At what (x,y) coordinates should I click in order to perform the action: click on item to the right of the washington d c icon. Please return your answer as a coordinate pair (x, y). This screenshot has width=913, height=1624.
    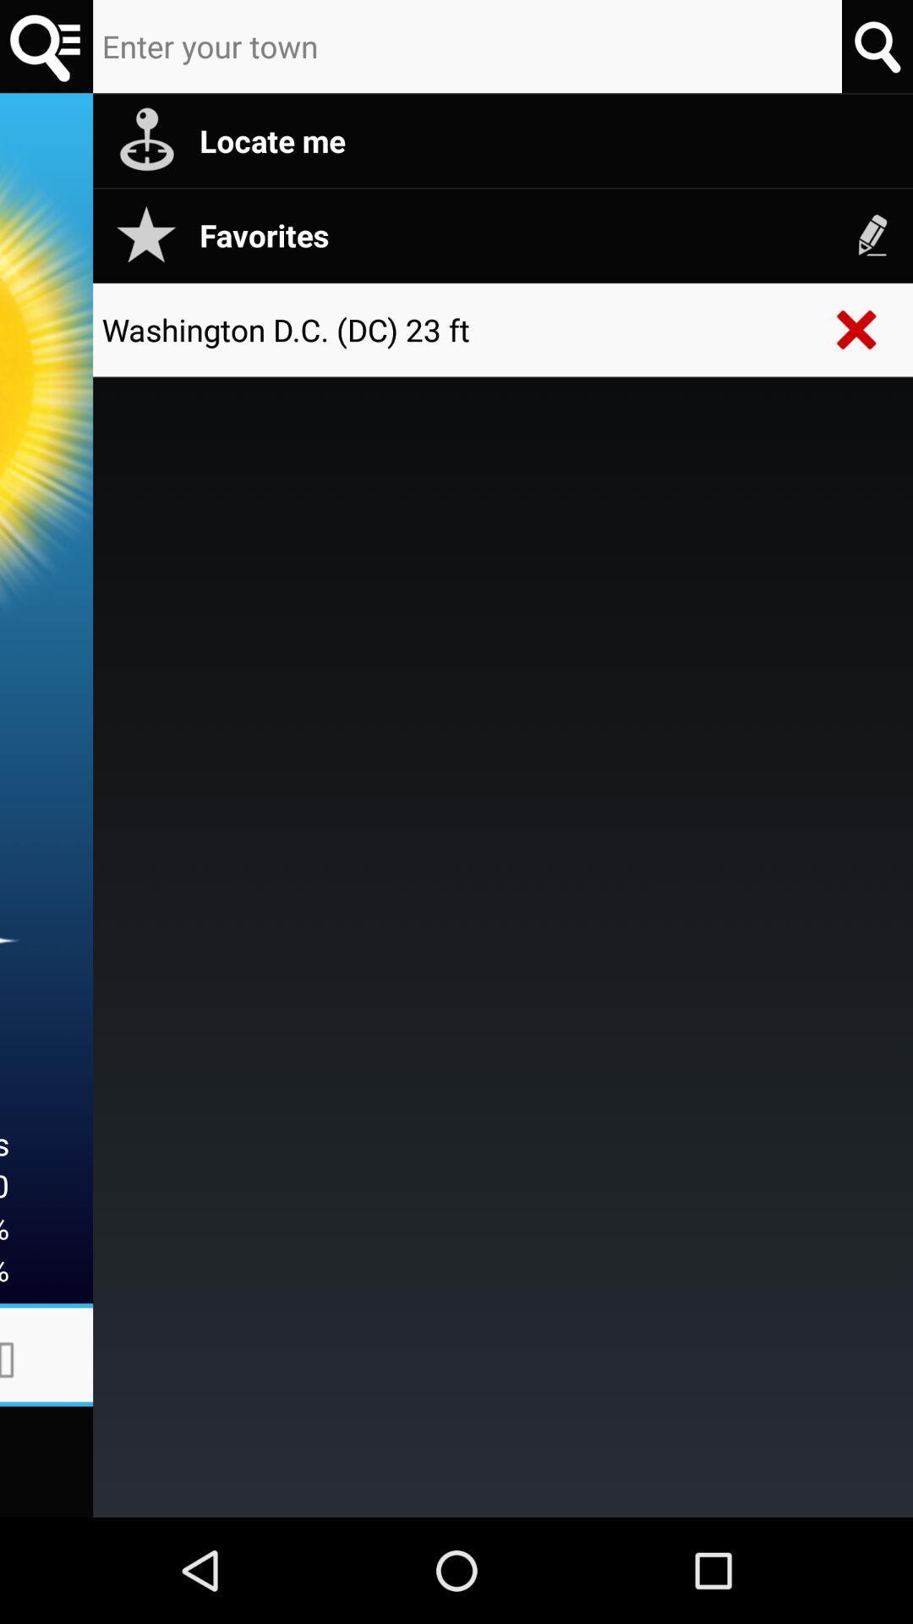
    Looking at the image, I should click on (857, 329).